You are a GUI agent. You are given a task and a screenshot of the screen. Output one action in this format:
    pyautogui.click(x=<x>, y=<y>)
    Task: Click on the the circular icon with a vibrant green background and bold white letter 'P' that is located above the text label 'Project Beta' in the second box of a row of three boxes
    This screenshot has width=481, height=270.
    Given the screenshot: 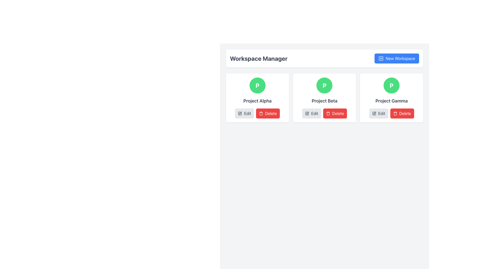 What is the action you would take?
    pyautogui.click(x=324, y=85)
    